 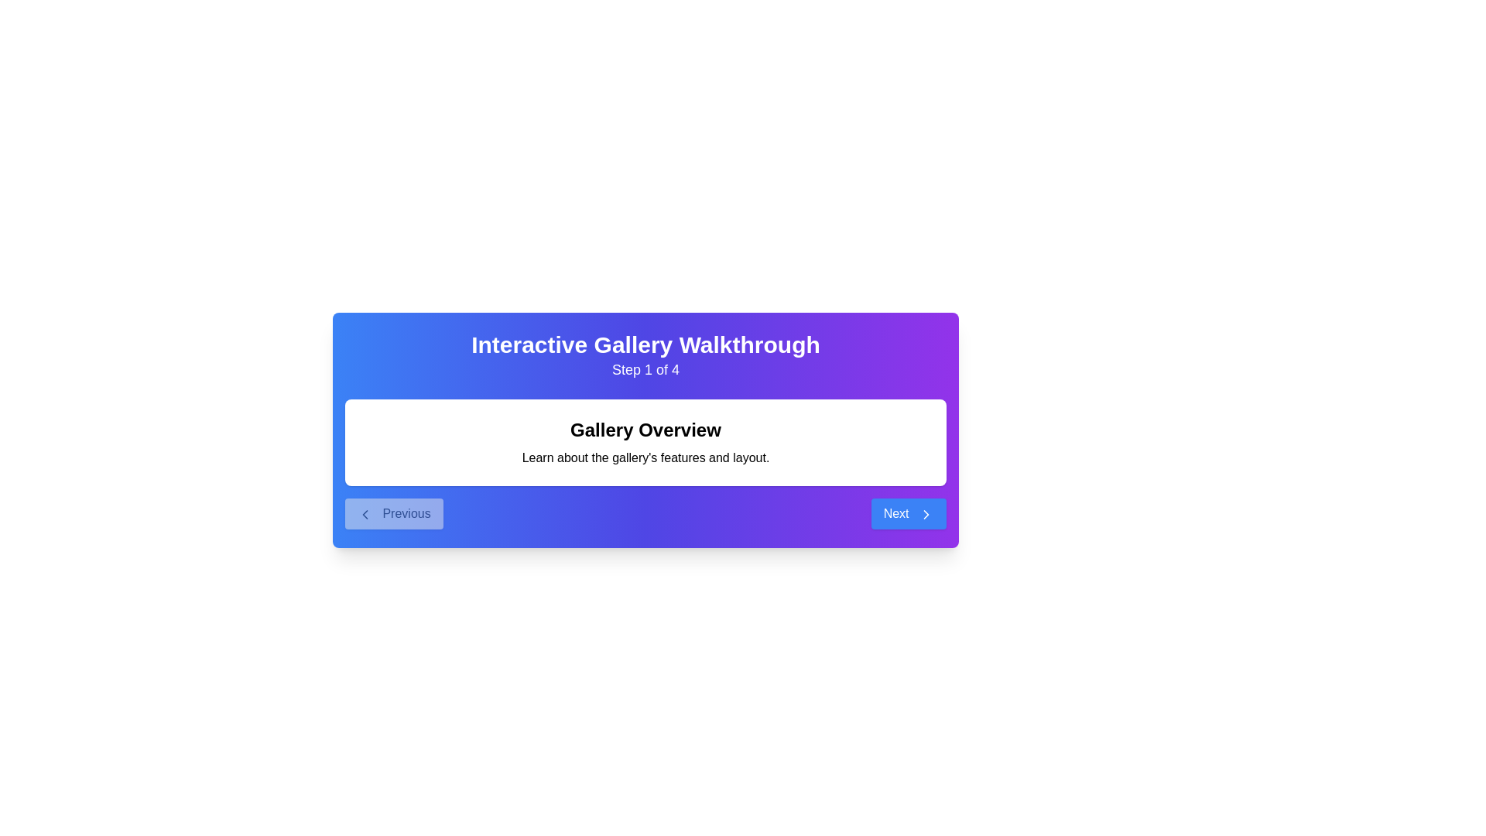 I want to click on the navigation button located on the right side of the footer navigation bar to observe visual effects, so click(x=909, y=513).